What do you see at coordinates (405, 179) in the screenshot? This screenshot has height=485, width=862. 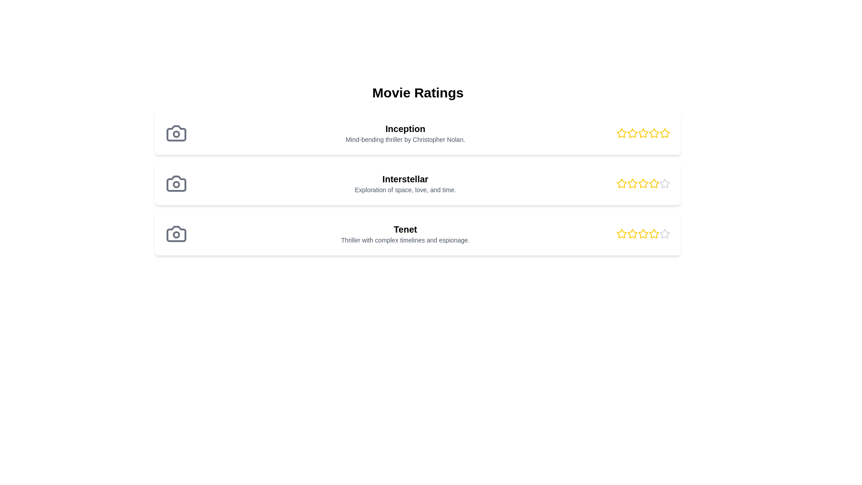 I see `the movie title text label that serves as the title for the film entry, located between 'Inception' and 'Tenet'` at bounding box center [405, 179].